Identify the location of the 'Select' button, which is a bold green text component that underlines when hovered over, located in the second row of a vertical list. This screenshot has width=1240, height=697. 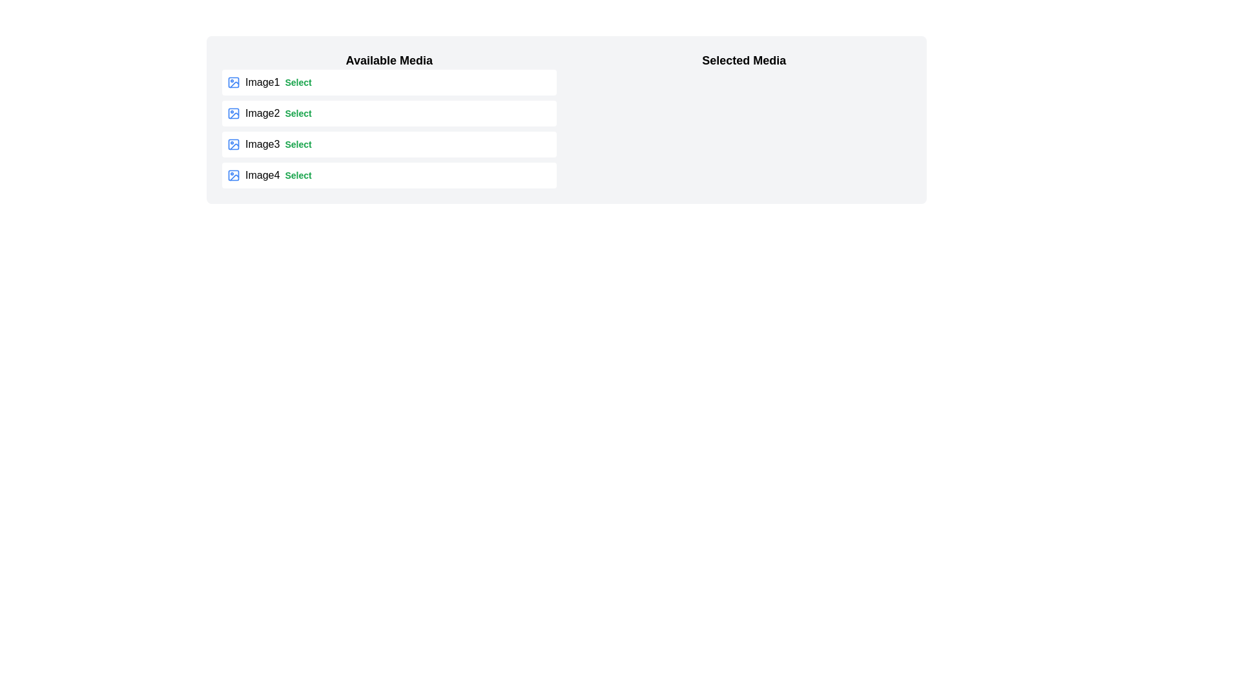
(297, 113).